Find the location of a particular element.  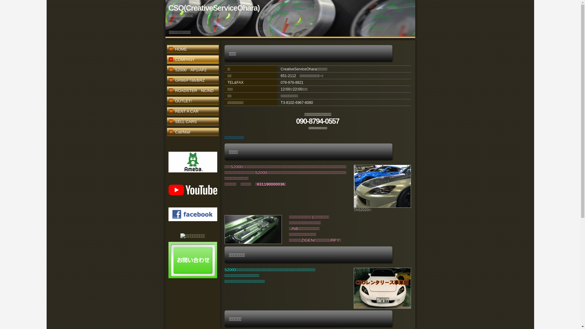

'OUTLET!' is located at coordinates (192, 101).